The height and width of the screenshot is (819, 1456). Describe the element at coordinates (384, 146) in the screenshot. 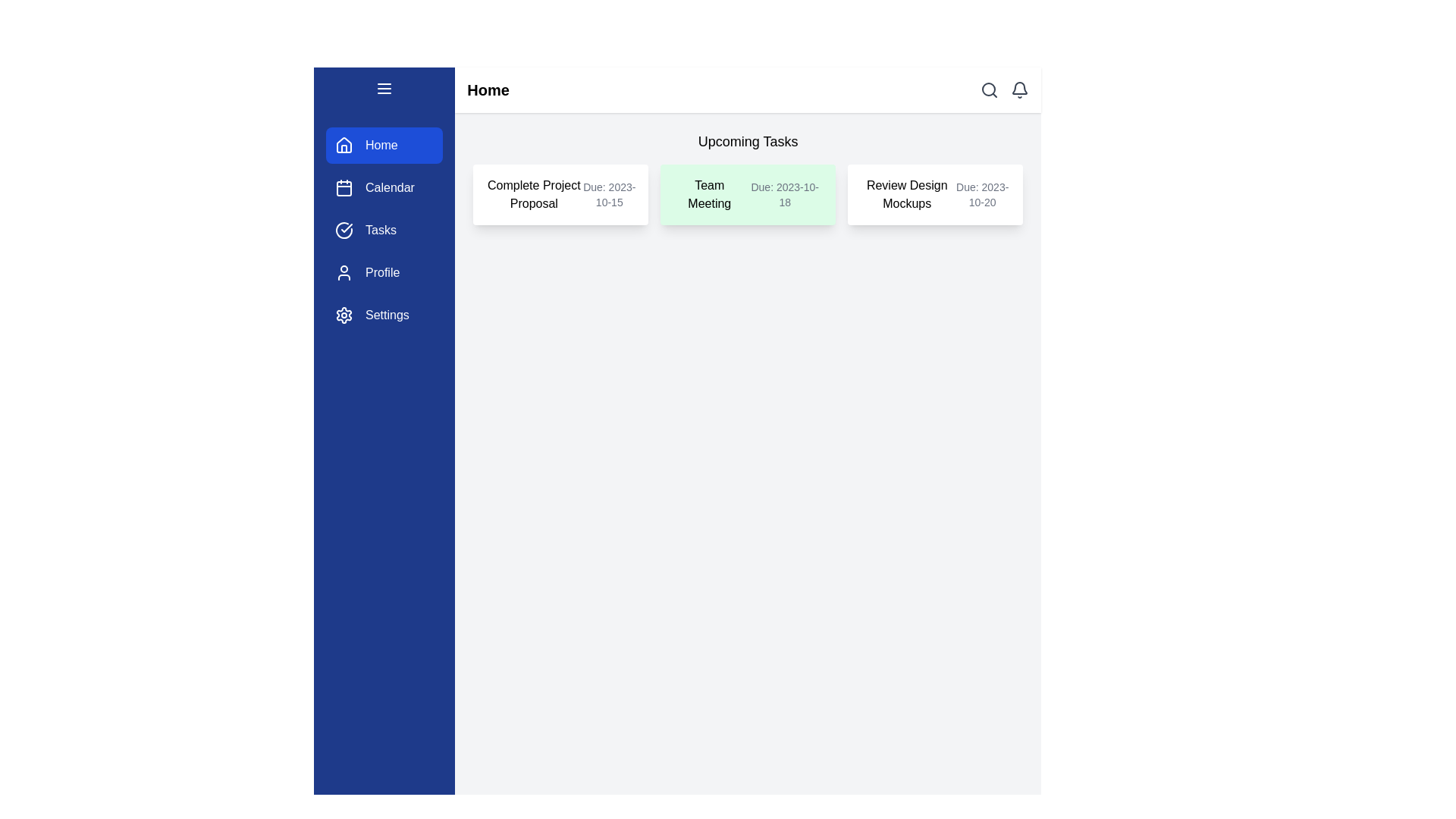

I see `the Home navigation button located at the top of the vertical navigation menu on the left side of the interface` at that location.